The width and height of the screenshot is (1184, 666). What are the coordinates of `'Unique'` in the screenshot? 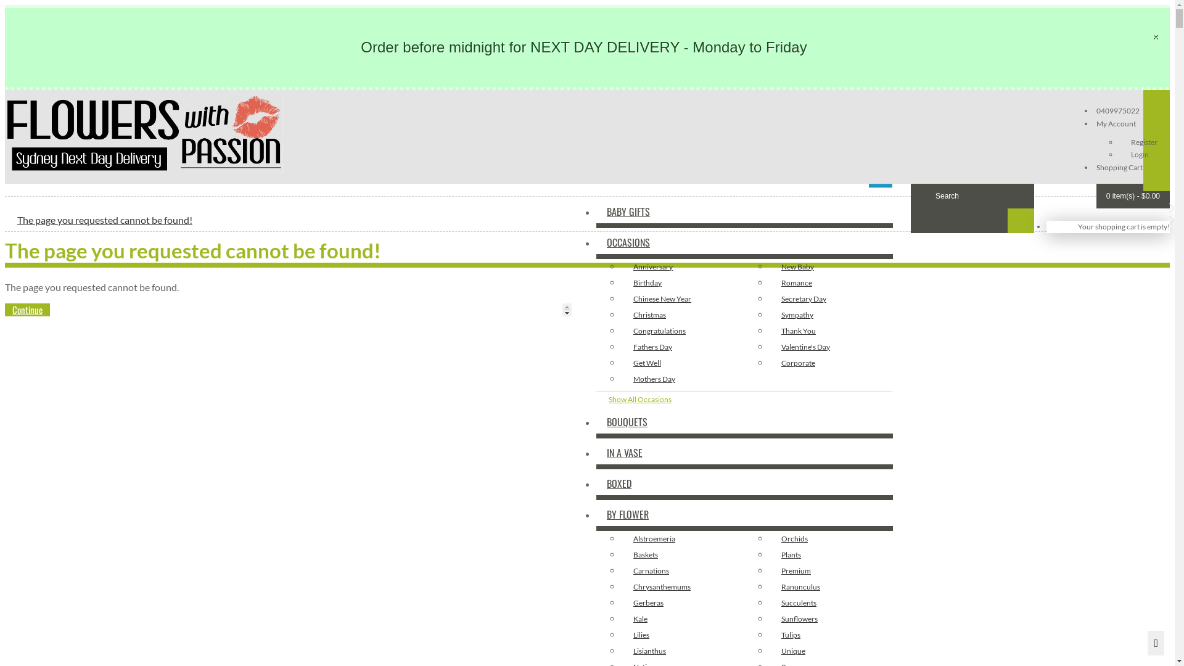 It's located at (768, 650).